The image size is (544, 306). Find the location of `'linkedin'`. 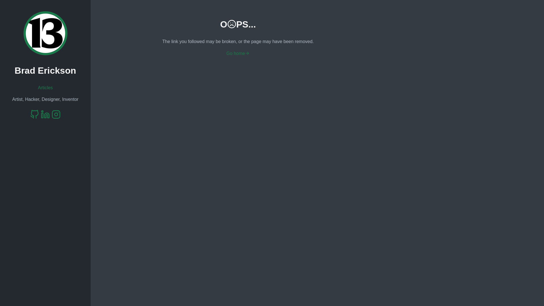

'linkedin' is located at coordinates (41, 115).